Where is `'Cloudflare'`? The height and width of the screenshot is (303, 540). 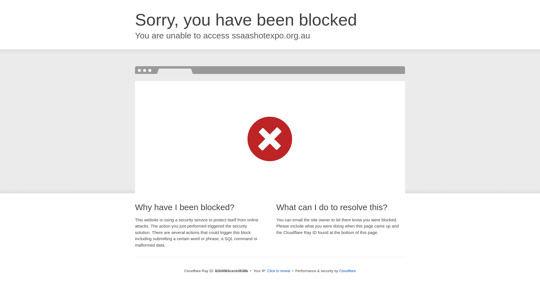 'Cloudflare' is located at coordinates (347, 270).